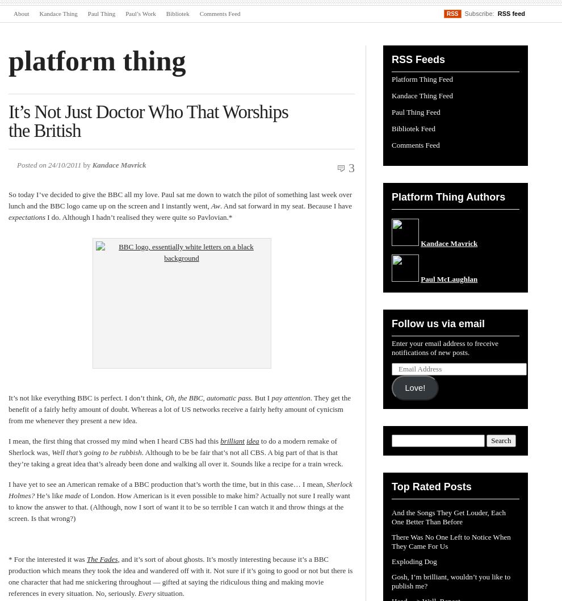 The height and width of the screenshot is (601, 562). What do you see at coordinates (392, 78) in the screenshot?
I see `'Platform Thing Feed'` at bounding box center [392, 78].